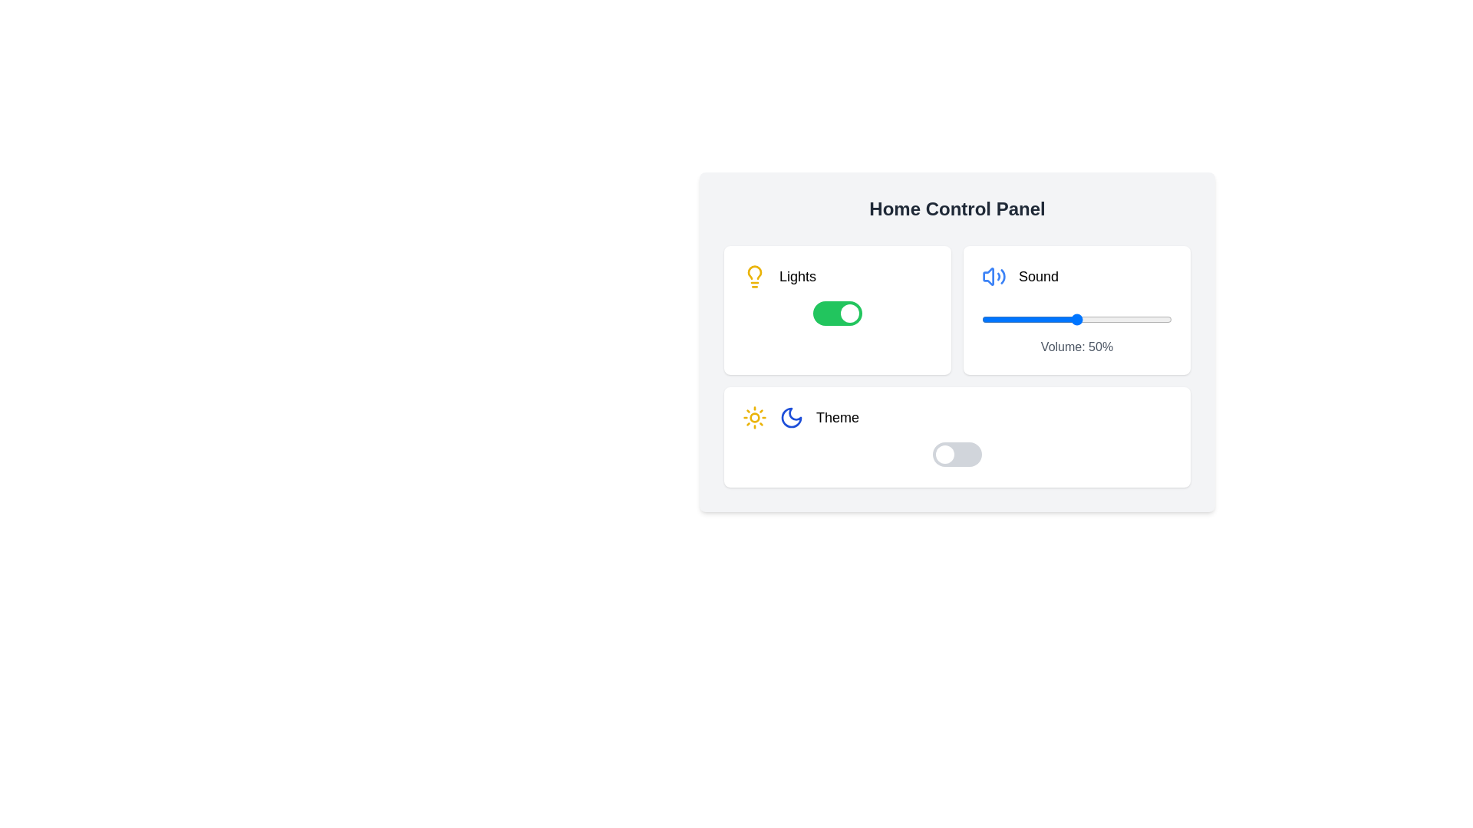  I want to click on the stylized lightbulb icon located in the upper-left cell of the control panel layout, next to the 'Lights' label and above the toggle switch, so click(754, 271).